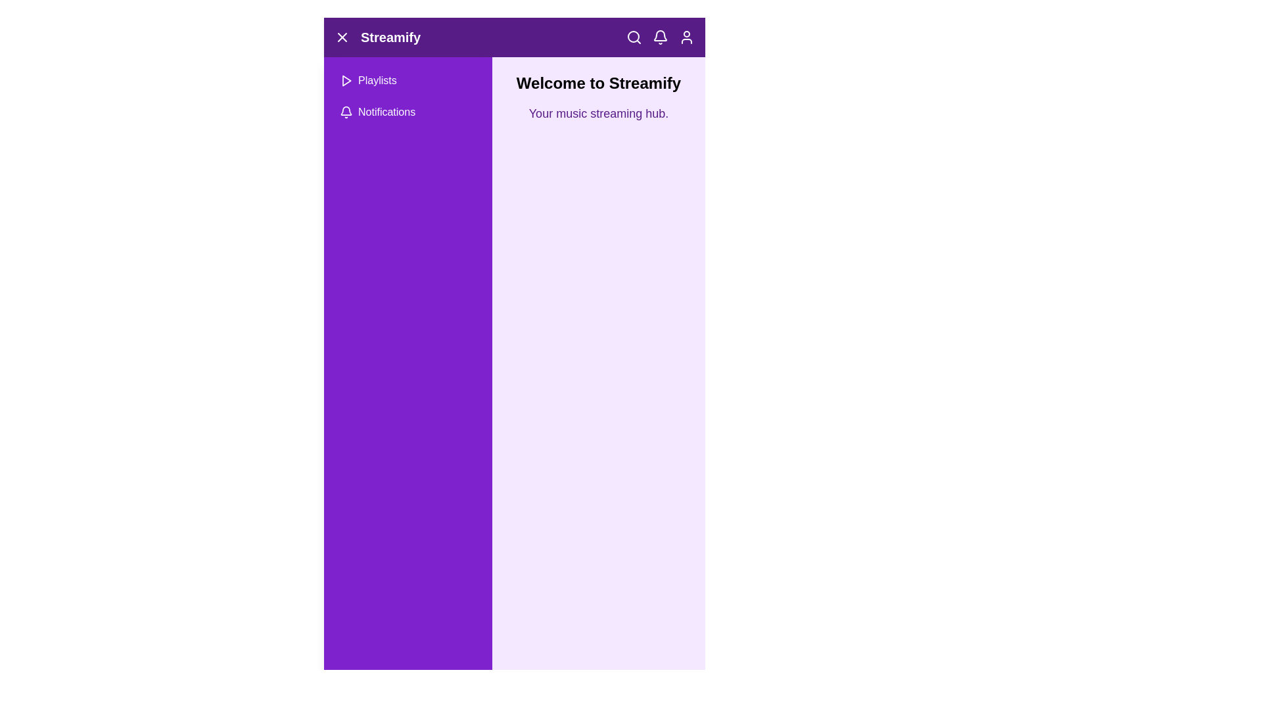 The width and height of the screenshot is (1262, 710). I want to click on the 'Notifications' button, which is a purple rectangular button containing a bell icon and the text 'Notifications', located in the vertical sidebar beneath the 'Playlists' button, so click(407, 111).